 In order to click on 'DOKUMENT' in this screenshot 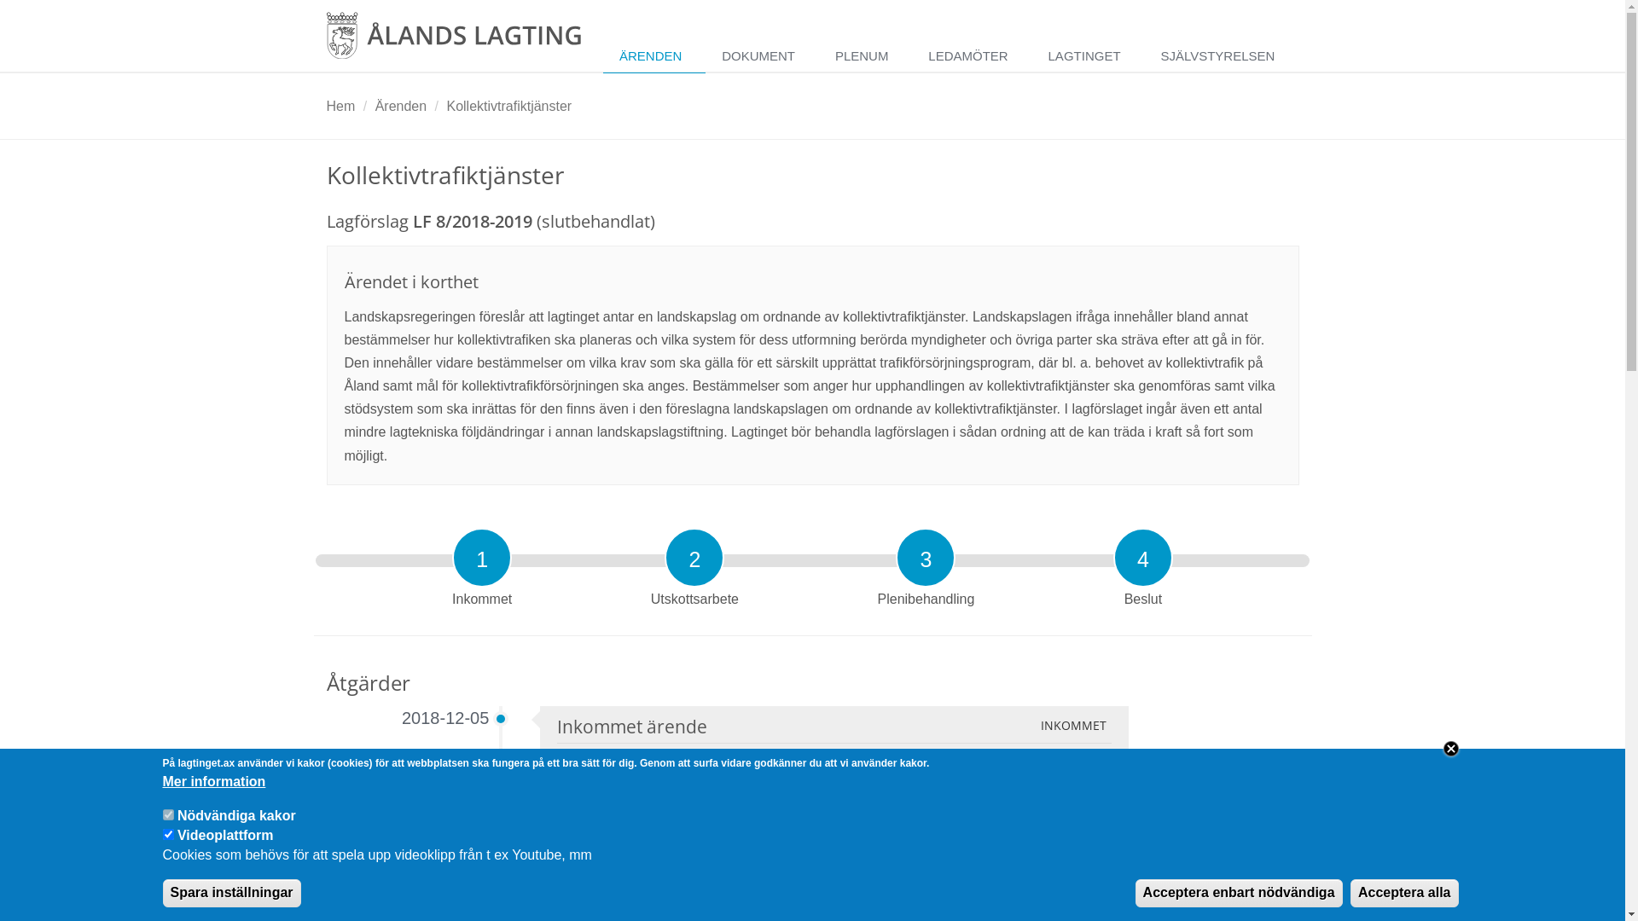, I will do `click(705, 55)`.